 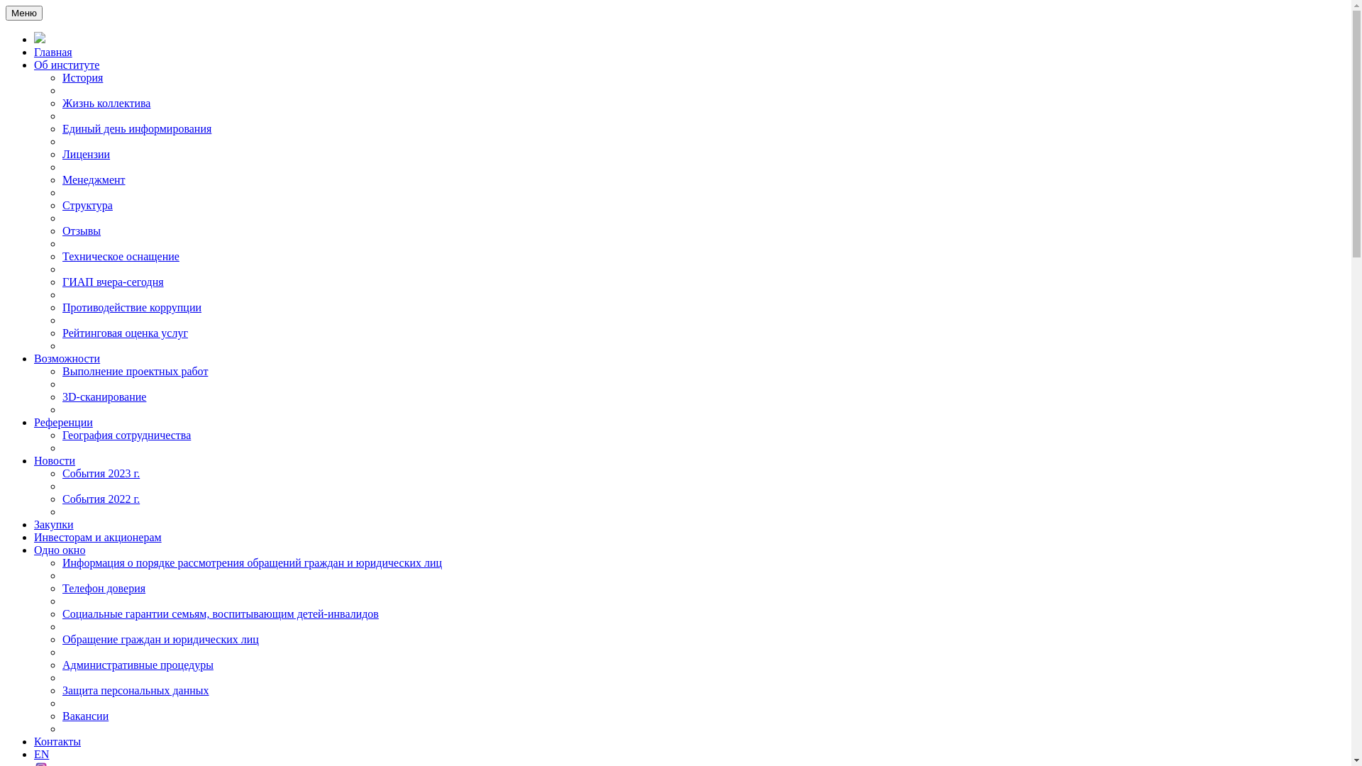 I want to click on 'EN', so click(x=41, y=753).